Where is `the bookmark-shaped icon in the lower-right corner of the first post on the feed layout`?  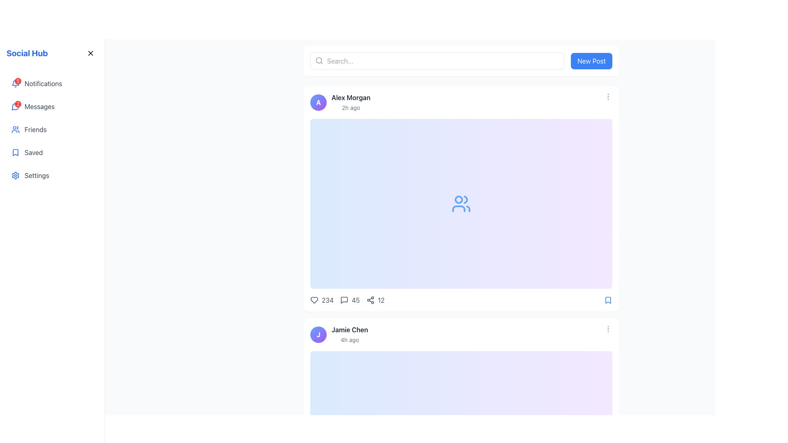 the bookmark-shaped icon in the lower-right corner of the first post on the feed layout is located at coordinates (608, 300).